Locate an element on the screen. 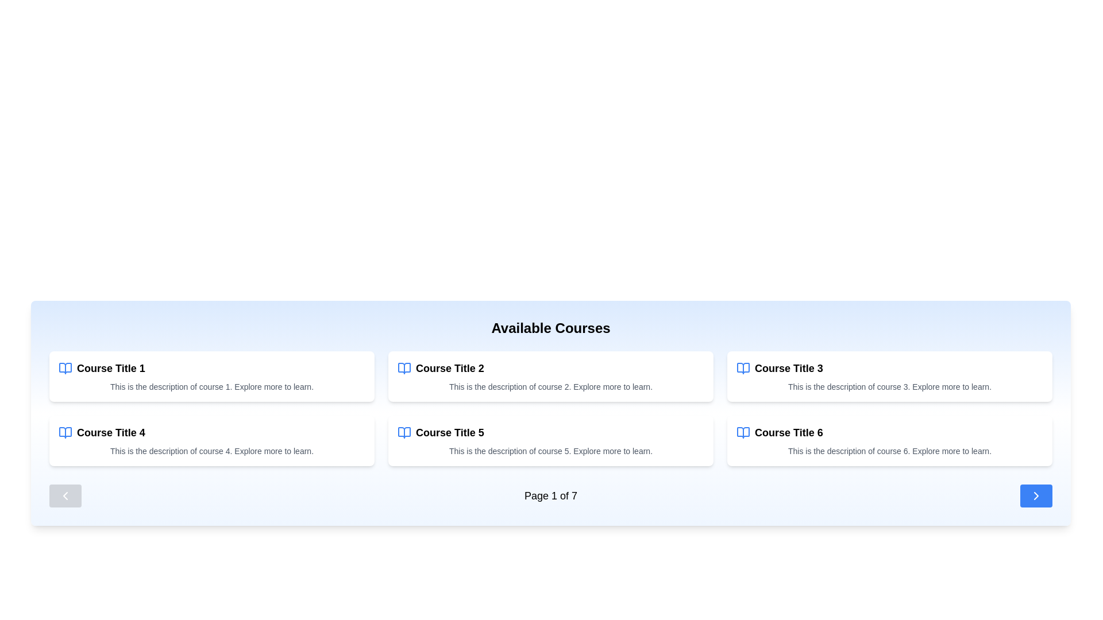 The width and height of the screenshot is (1103, 620). the rightward-pointing arrow icon embedded within the circular blue button at the bottom-right corner of the interface is located at coordinates (1036, 495).